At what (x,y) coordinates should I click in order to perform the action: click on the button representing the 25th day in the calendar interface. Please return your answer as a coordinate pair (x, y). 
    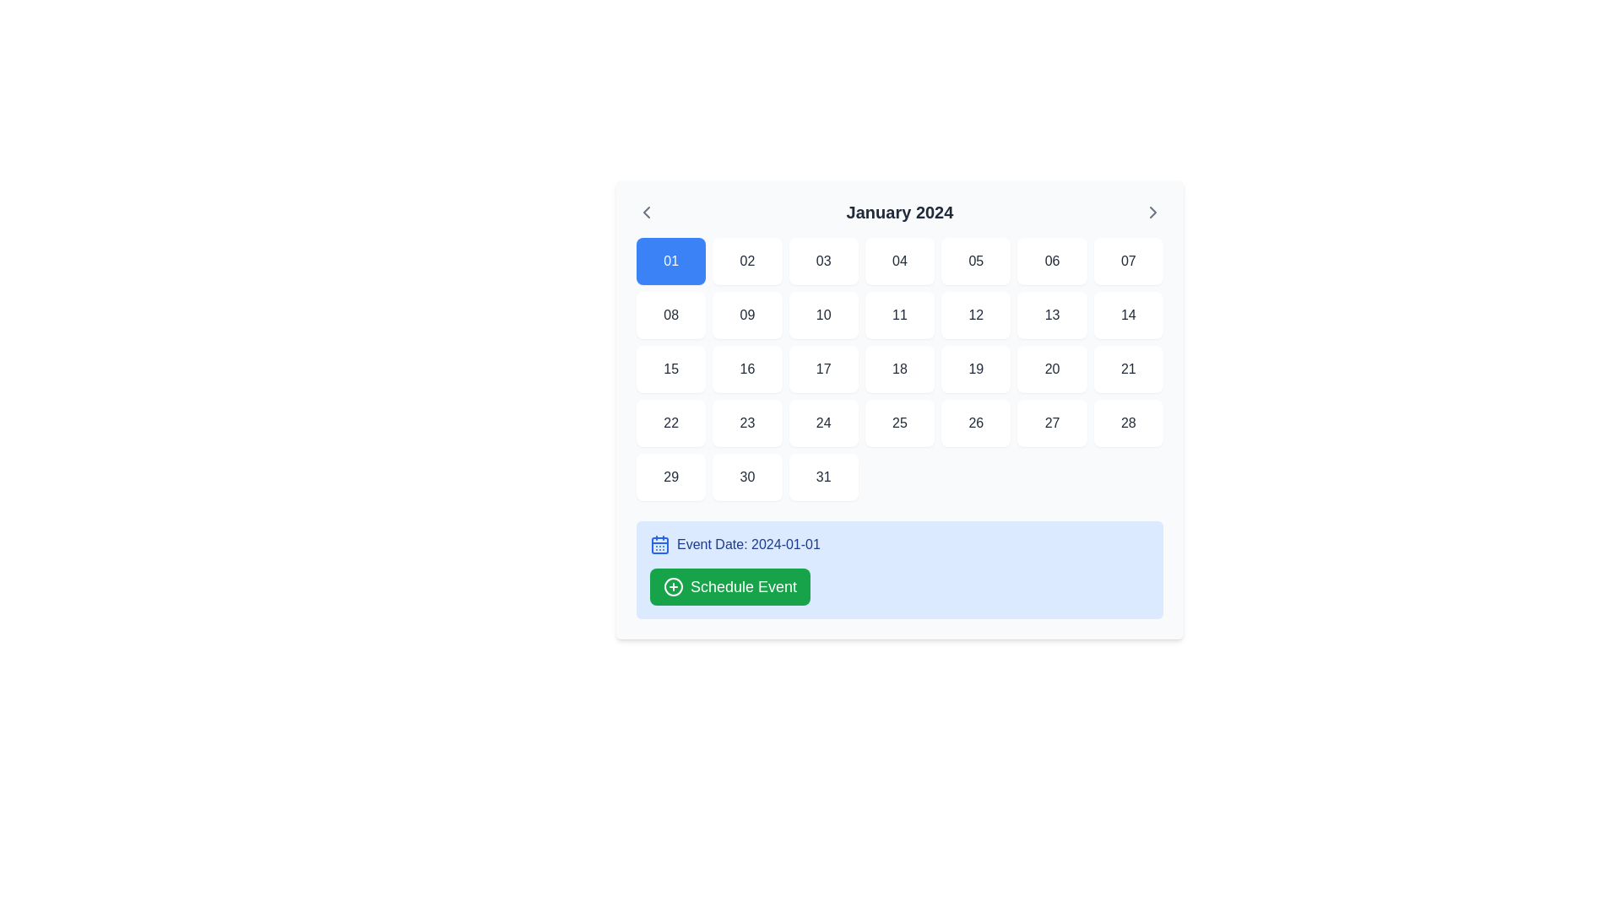
    Looking at the image, I should click on (898, 422).